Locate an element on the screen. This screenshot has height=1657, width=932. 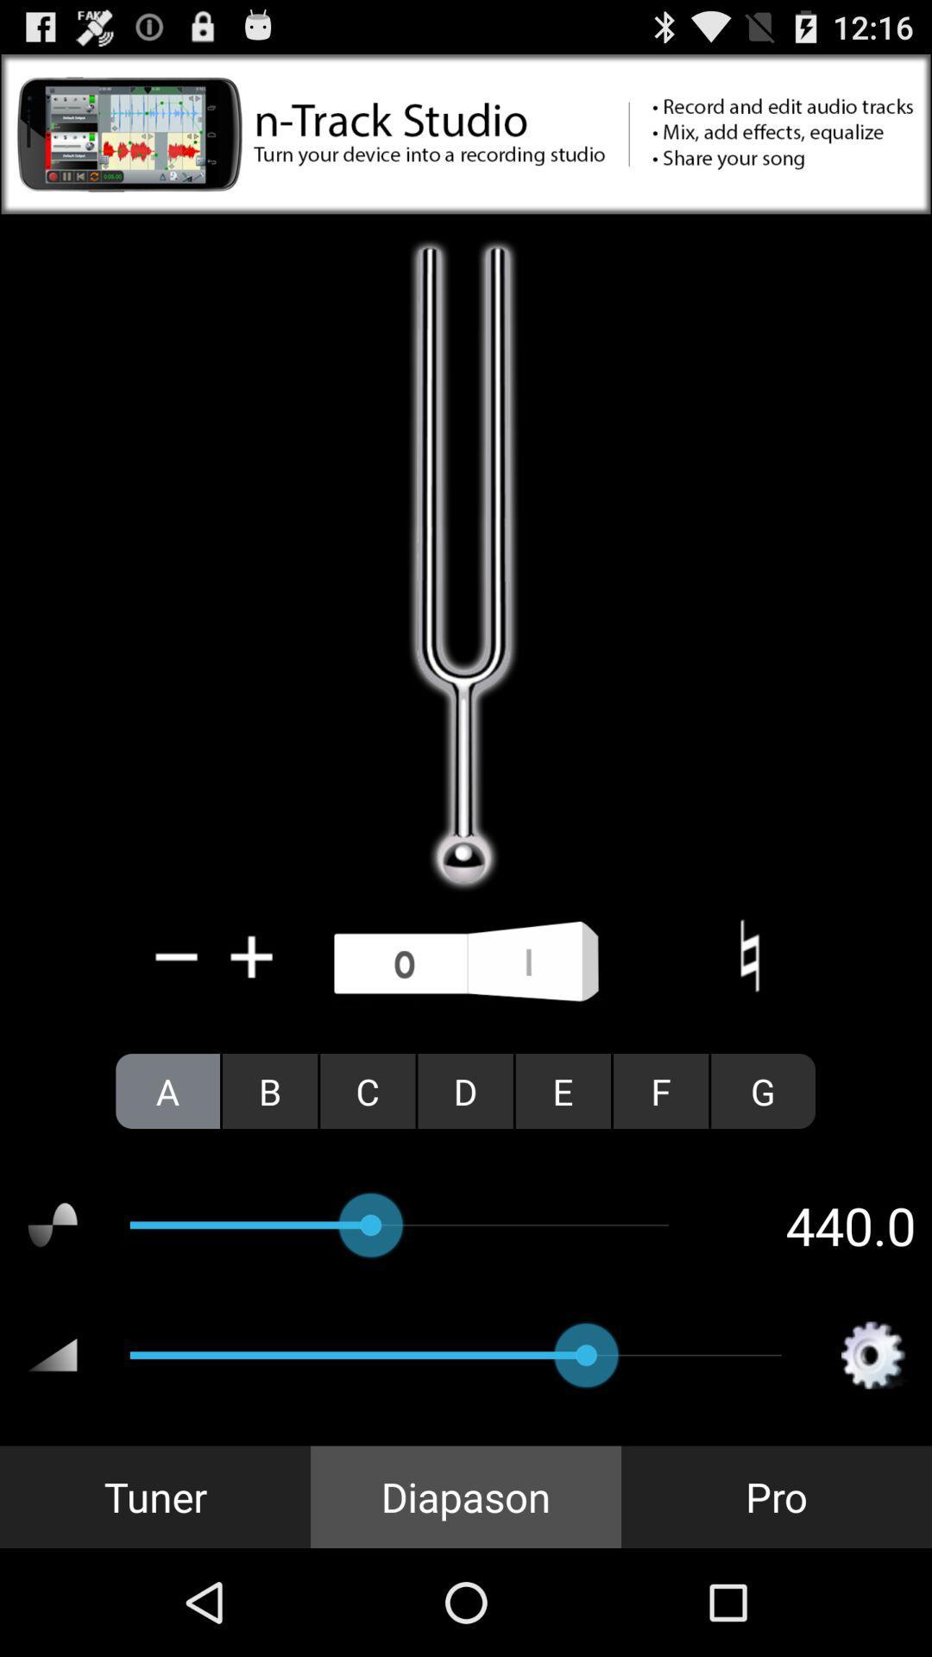
increase volume is located at coordinates (252, 955).